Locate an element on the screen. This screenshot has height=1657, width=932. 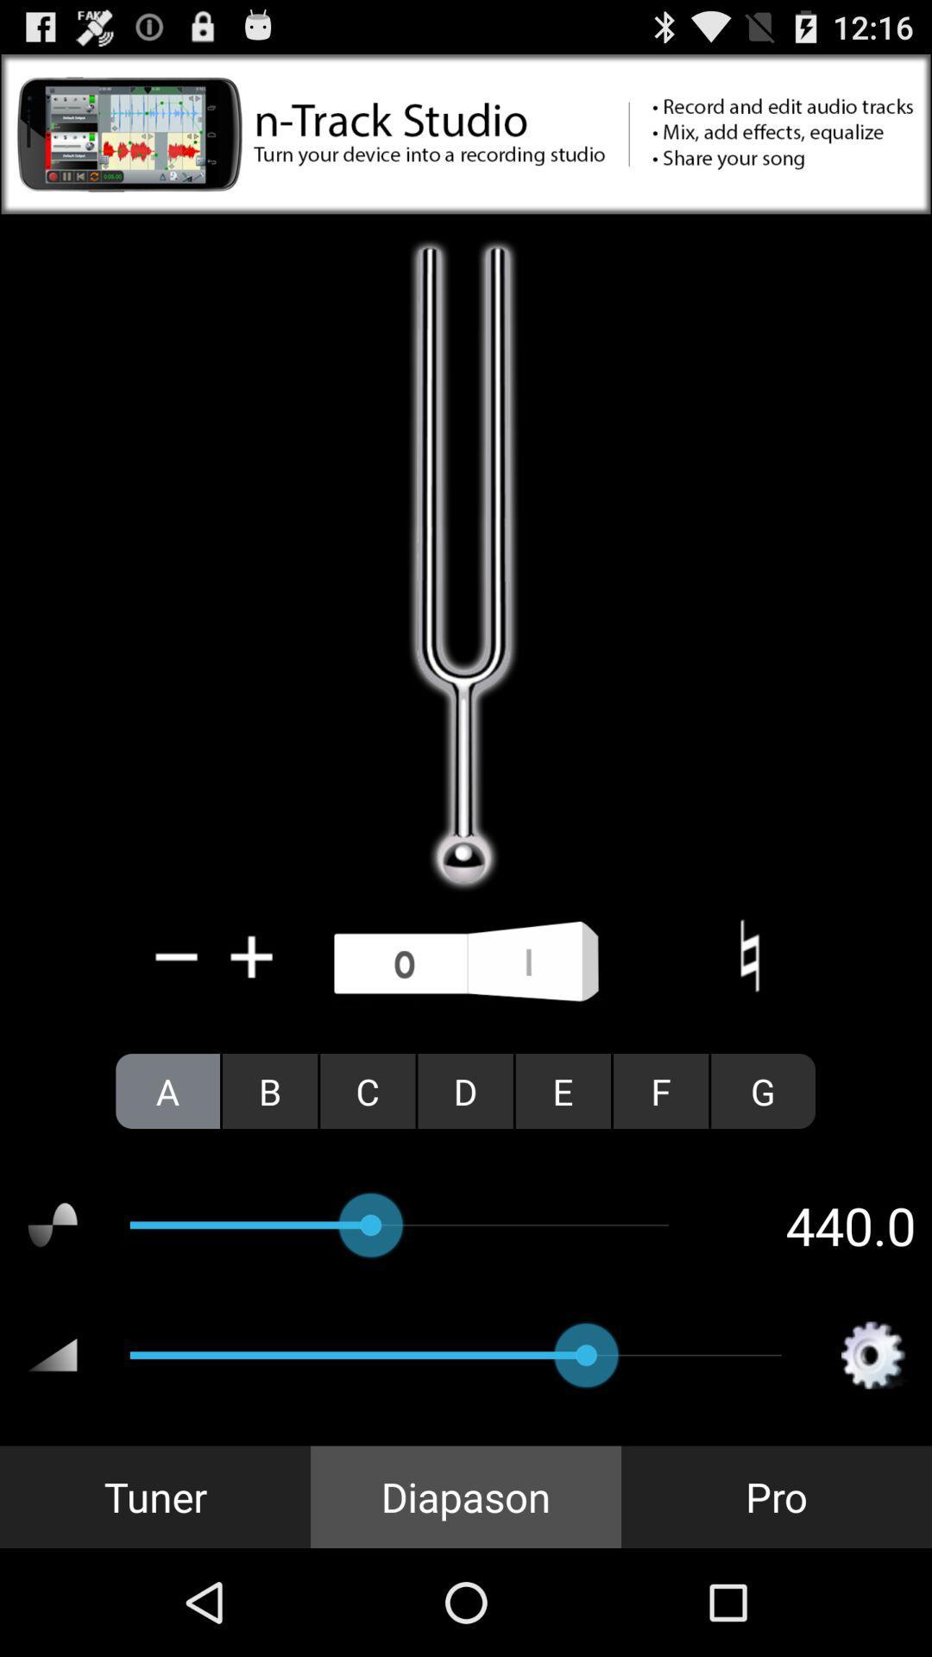
increase volume is located at coordinates (252, 955).